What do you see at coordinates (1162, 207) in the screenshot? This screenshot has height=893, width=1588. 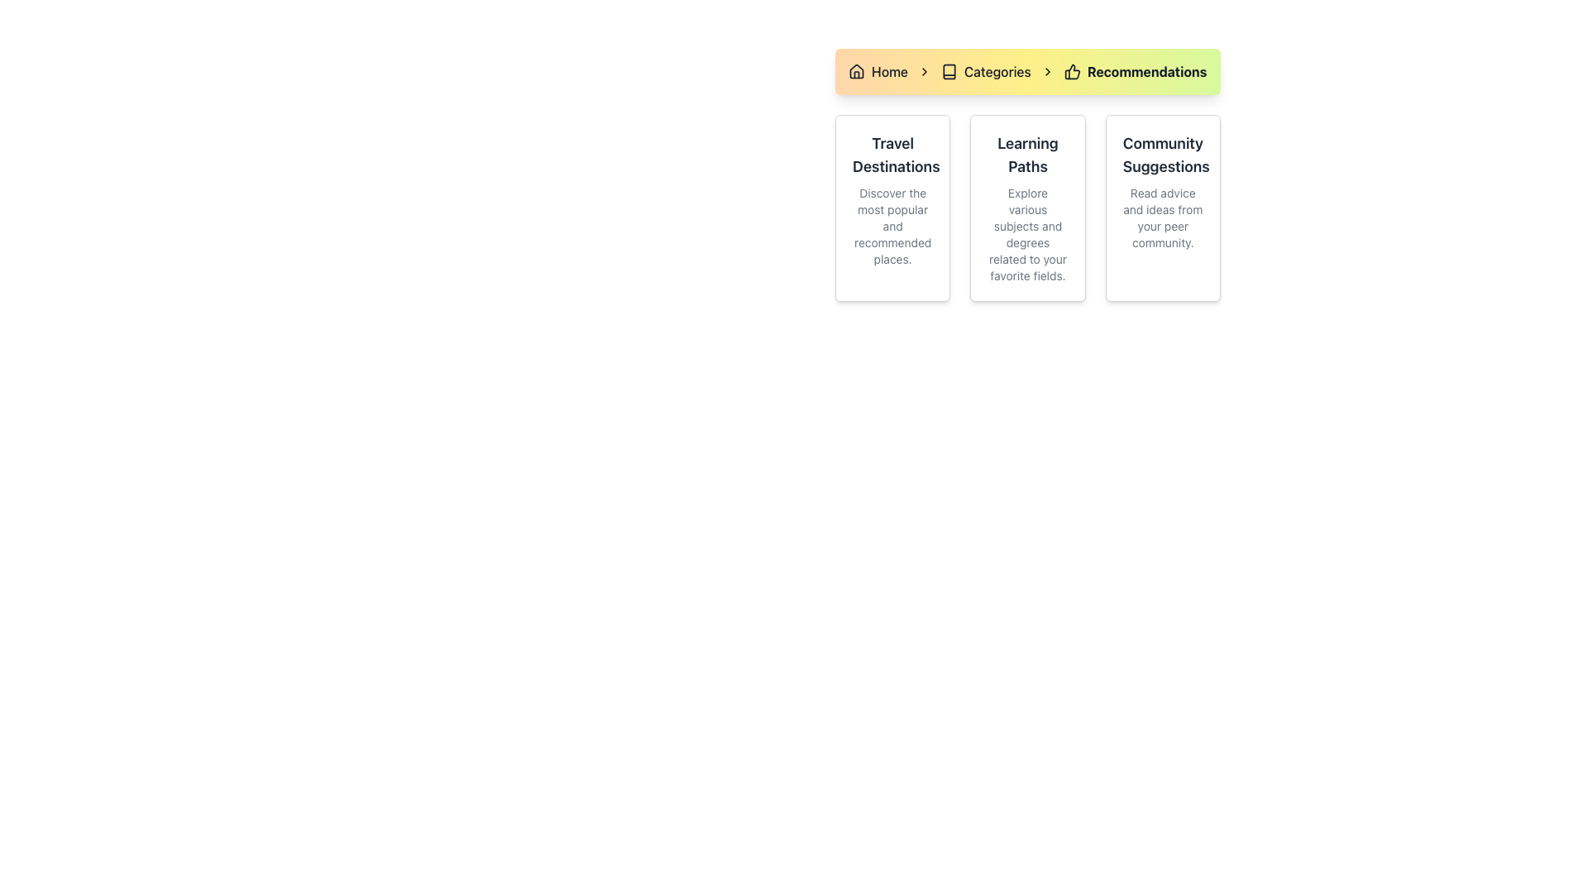 I see `the informational card component located in the rightmost column of the grid layout` at bounding box center [1162, 207].